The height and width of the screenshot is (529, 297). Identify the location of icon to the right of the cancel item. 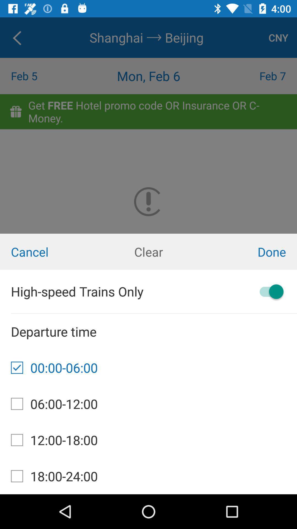
(148, 251).